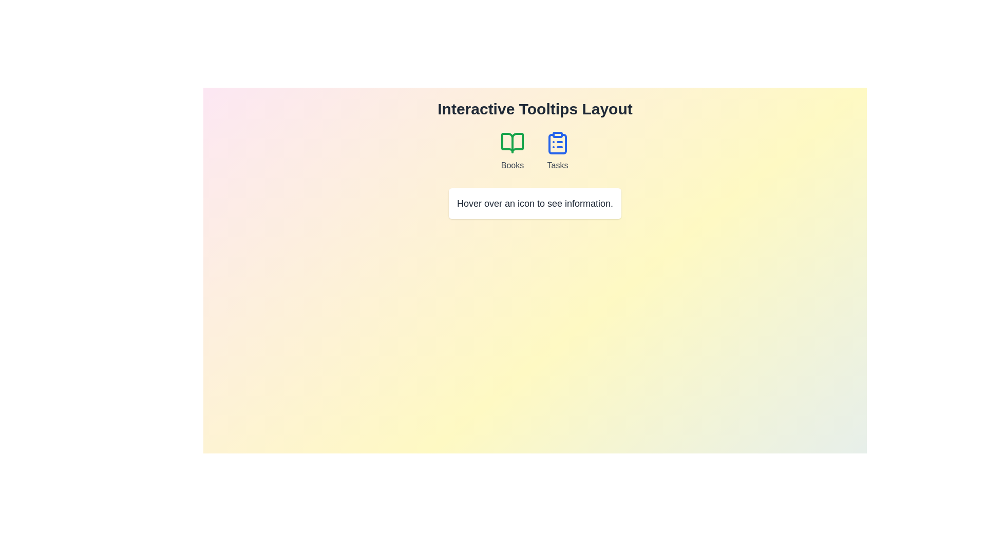 This screenshot has height=554, width=986. I want to click on the open book icon with a green outline located centrally in the upper half of the interface, associated with the label 'Books', so click(513, 143).